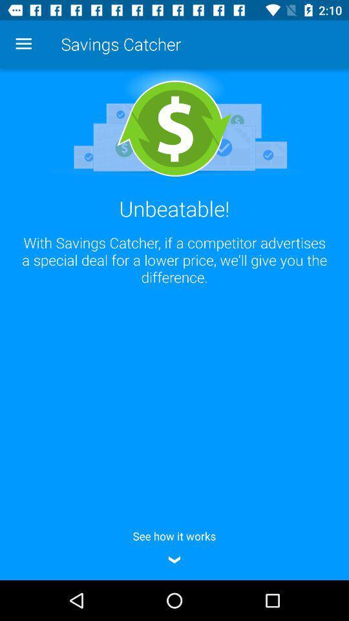 This screenshot has width=349, height=621. What do you see at coordinates (174, 545) in the screenshot?
I see `the see how it item` at bounding box center [174, 545].